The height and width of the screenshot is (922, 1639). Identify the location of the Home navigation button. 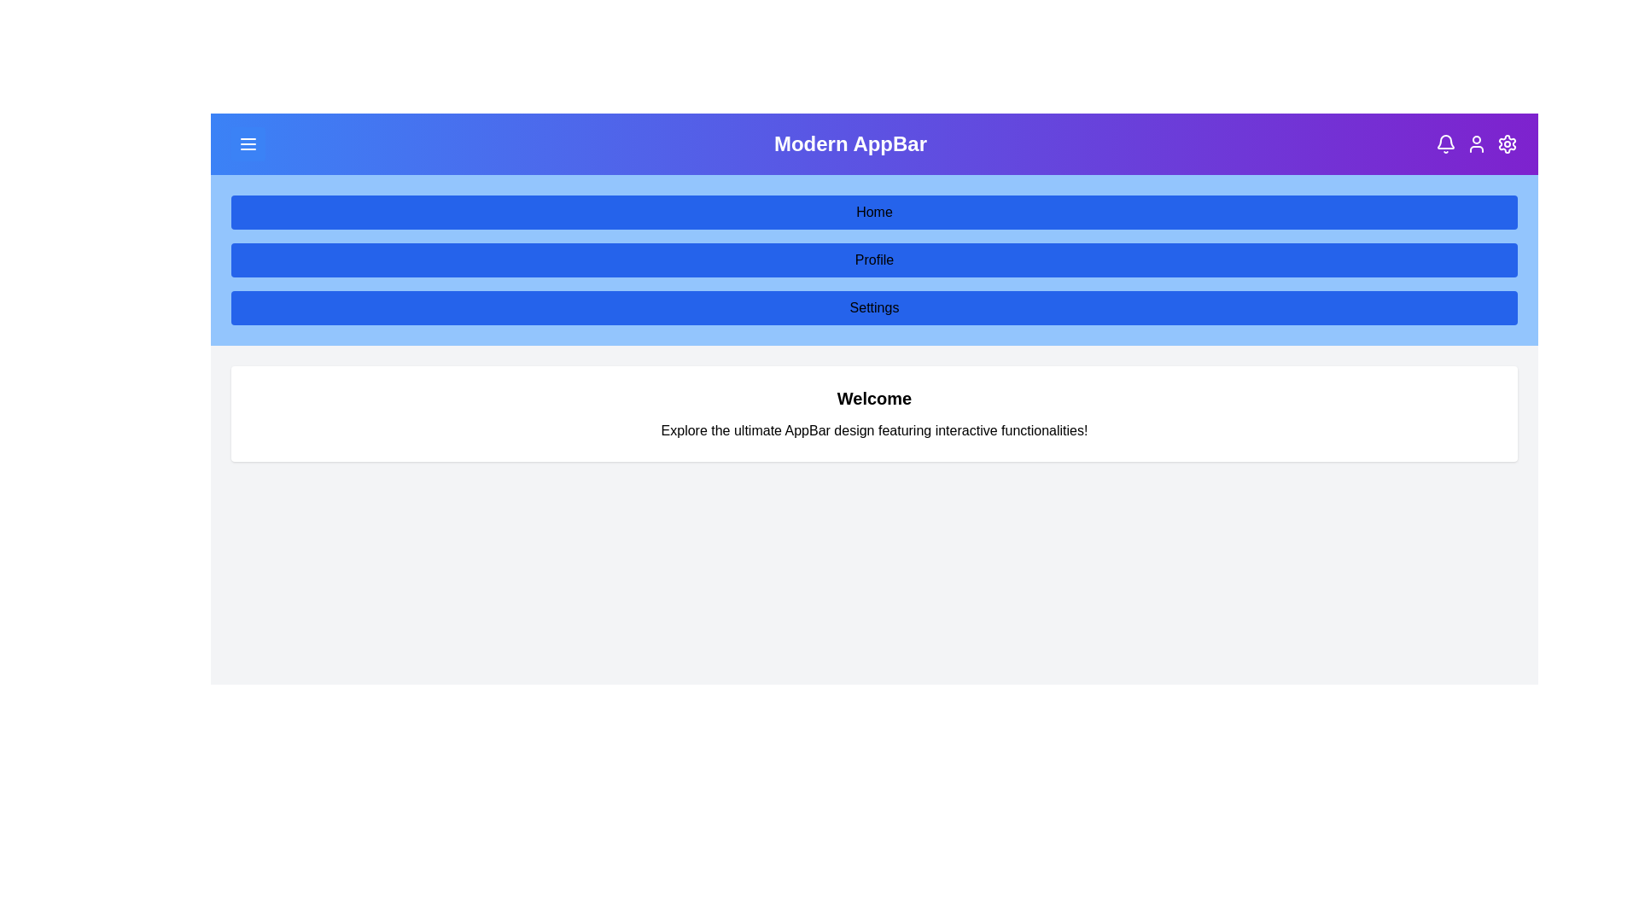
(874, 212).